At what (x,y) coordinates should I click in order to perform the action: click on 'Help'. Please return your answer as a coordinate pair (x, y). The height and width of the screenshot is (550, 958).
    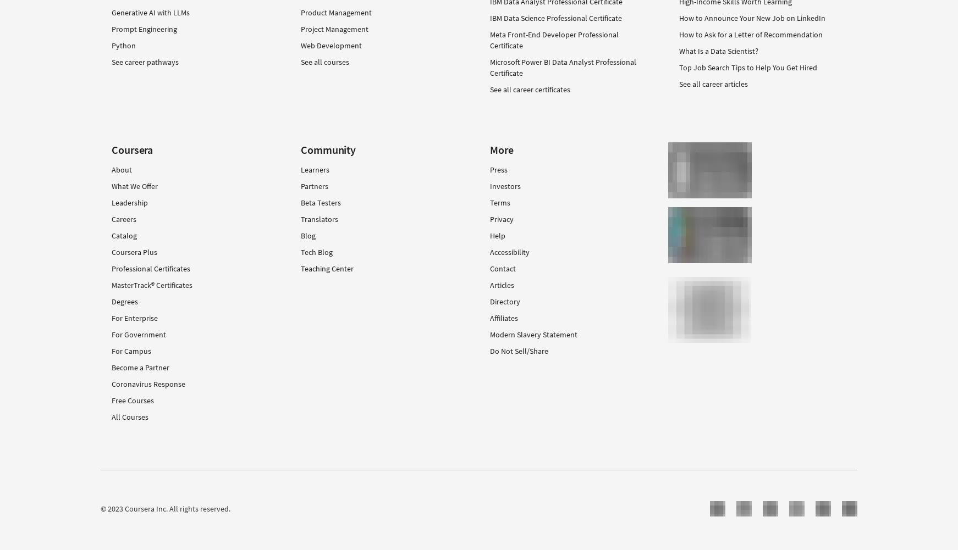
    Looking at the image, I should click on (497, 236).